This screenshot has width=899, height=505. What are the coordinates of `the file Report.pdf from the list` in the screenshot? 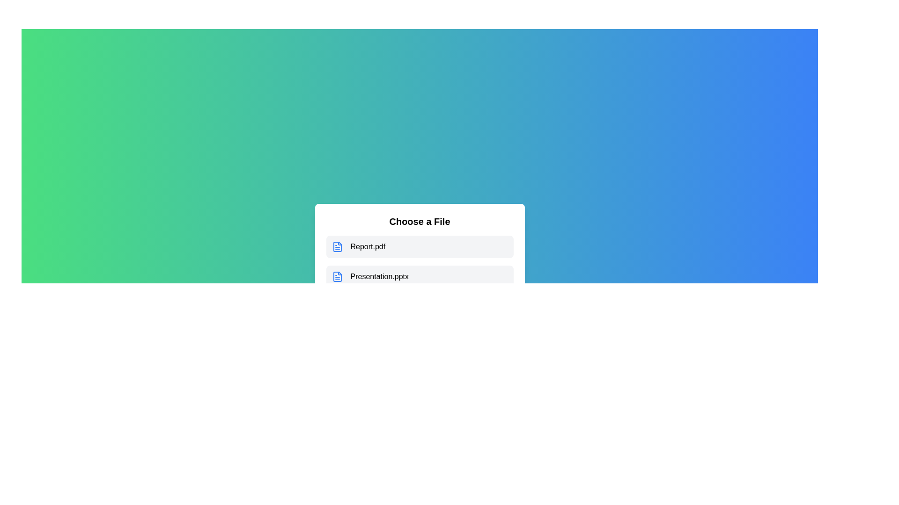 It's located at (419, 246).